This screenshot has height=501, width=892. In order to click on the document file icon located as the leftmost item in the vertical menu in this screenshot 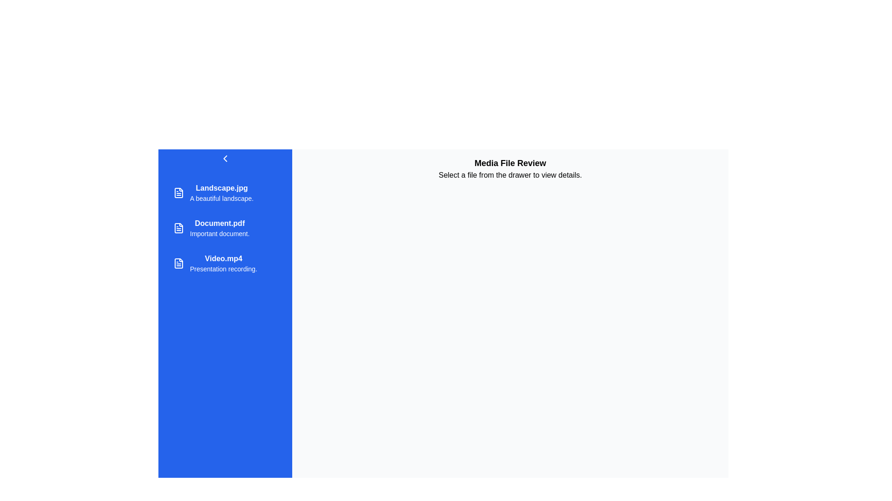, I will do `click(178, 228)`.